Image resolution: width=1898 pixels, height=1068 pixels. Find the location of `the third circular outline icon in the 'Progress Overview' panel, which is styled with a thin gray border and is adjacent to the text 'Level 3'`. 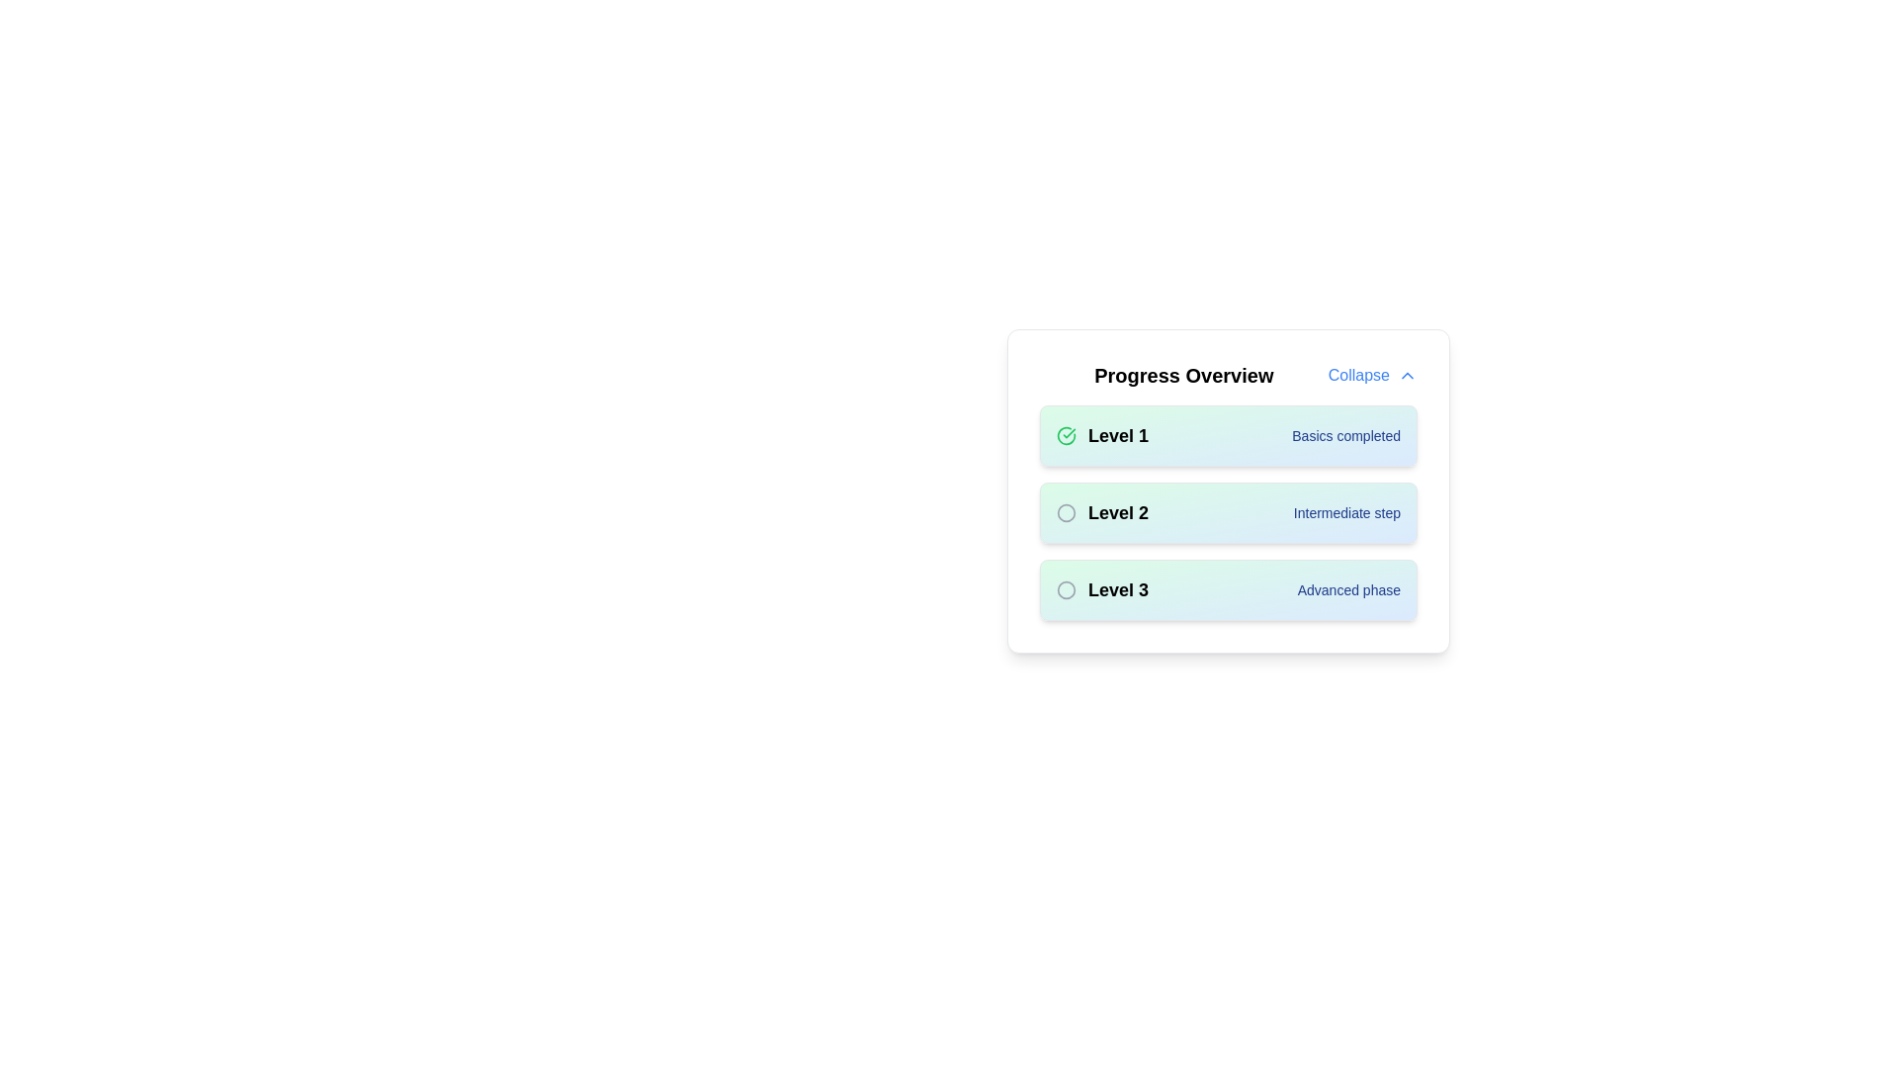

the third circular outline icon in the 'Progress Overview' panel, which is styled with a thin gray border and is adjacent to the text 'Level 3' is located at coordinates (1066, 589).